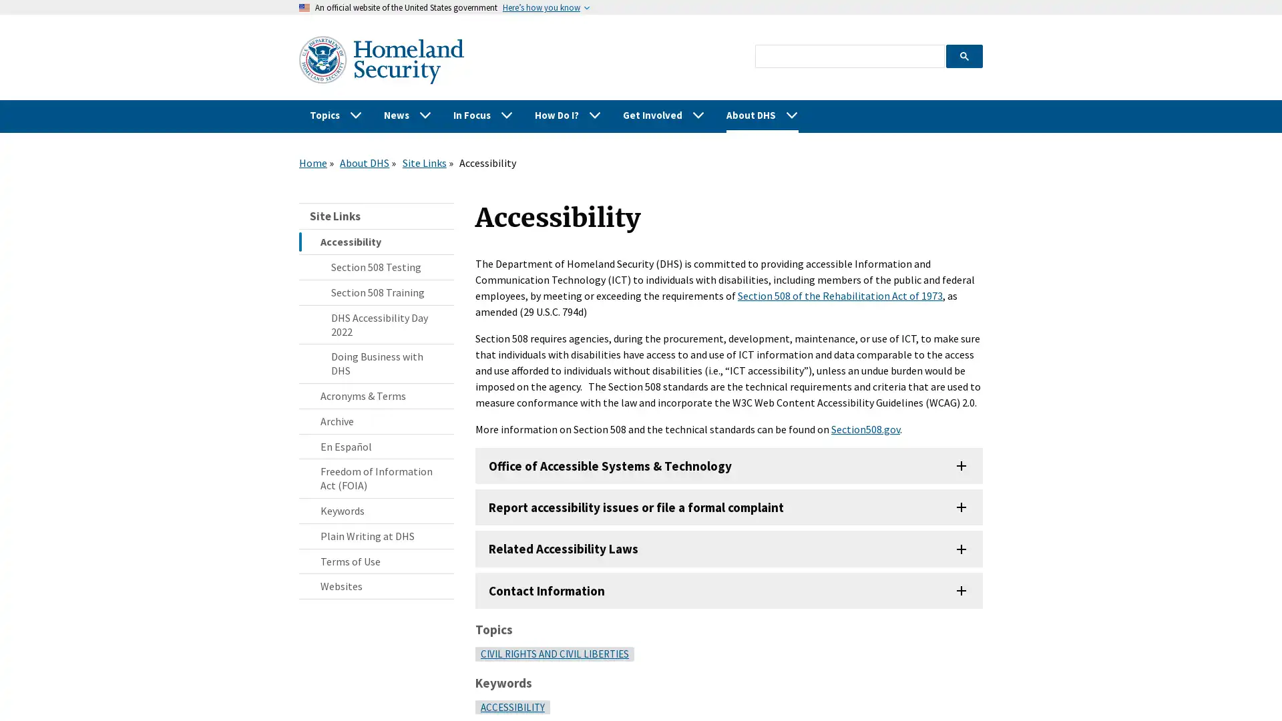  I want to click on search, so click(964, 55).